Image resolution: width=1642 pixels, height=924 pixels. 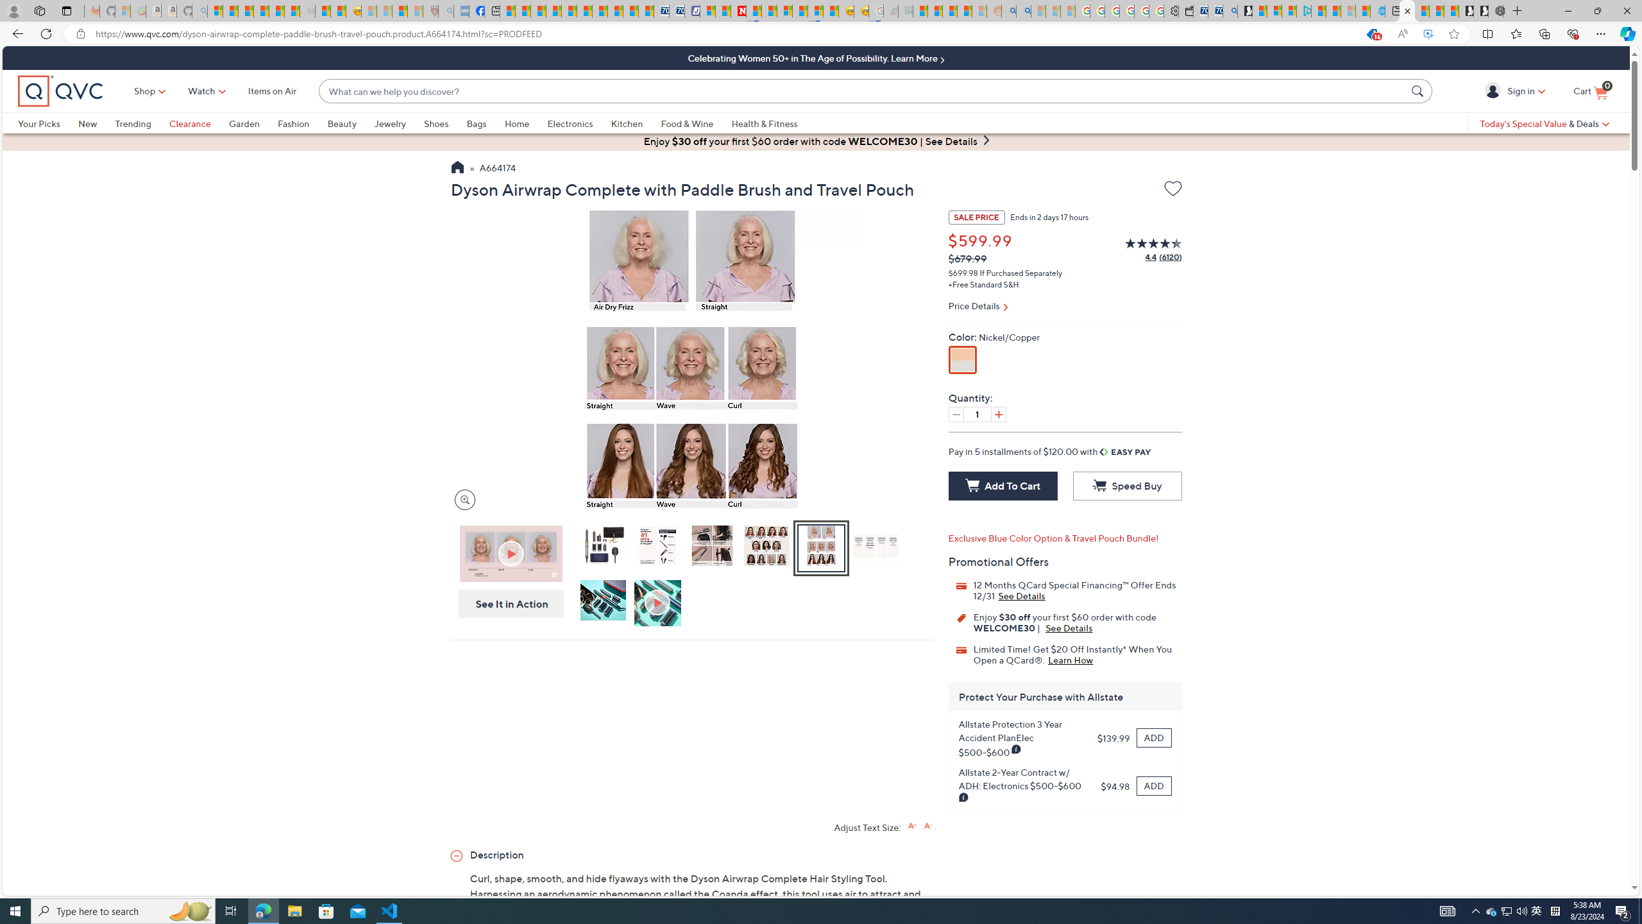 I want to click on 'On-Air Presentation', so click(x=511, y=553).